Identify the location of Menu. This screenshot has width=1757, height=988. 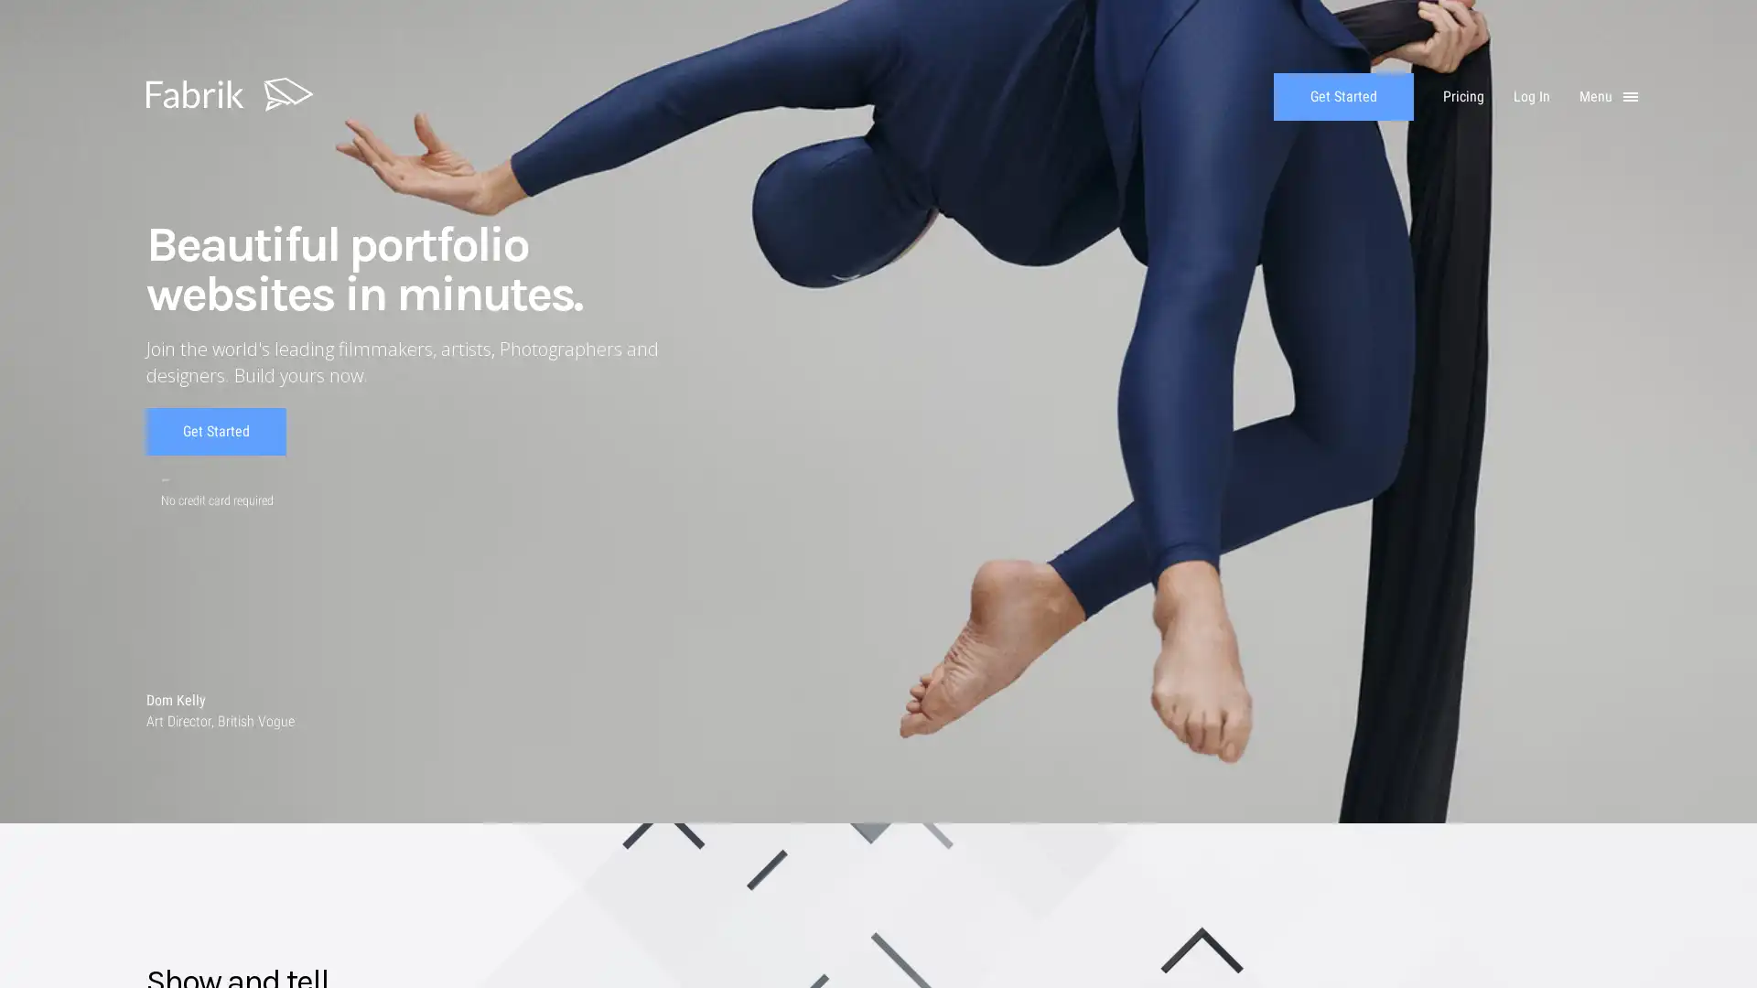
(1597, 96).